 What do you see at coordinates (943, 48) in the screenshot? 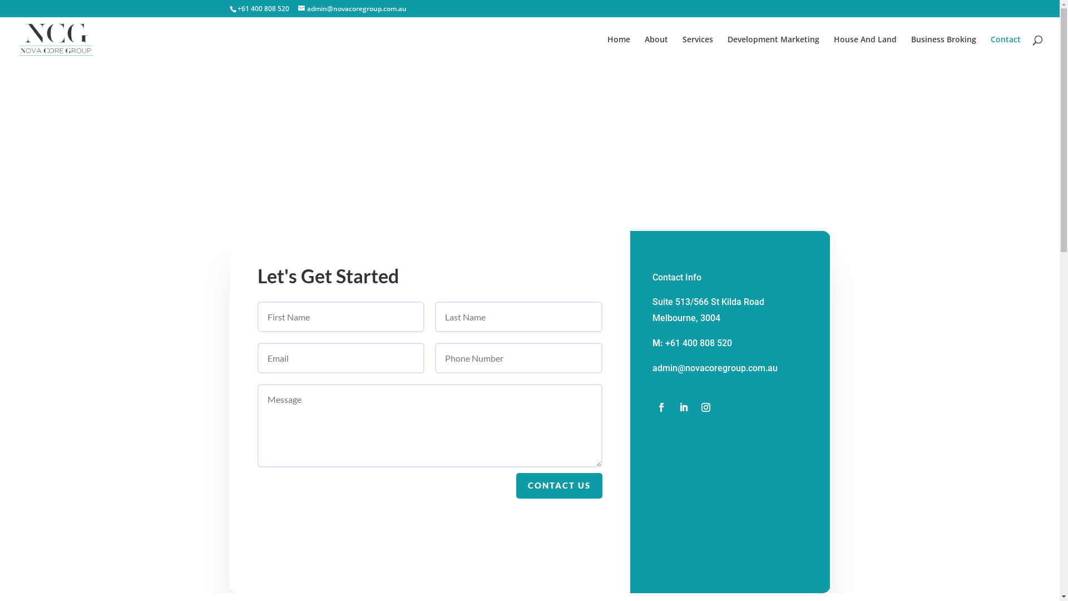
I see `'Business Broking'` at bounding box center [943, 48].